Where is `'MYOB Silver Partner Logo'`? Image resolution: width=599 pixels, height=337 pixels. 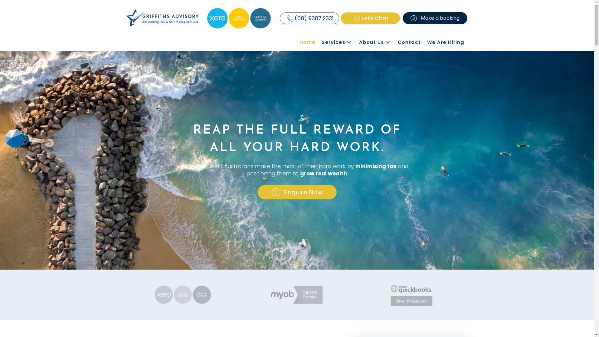
'MYOB Silver Partner Logo' is located at coordinates (269, 295).